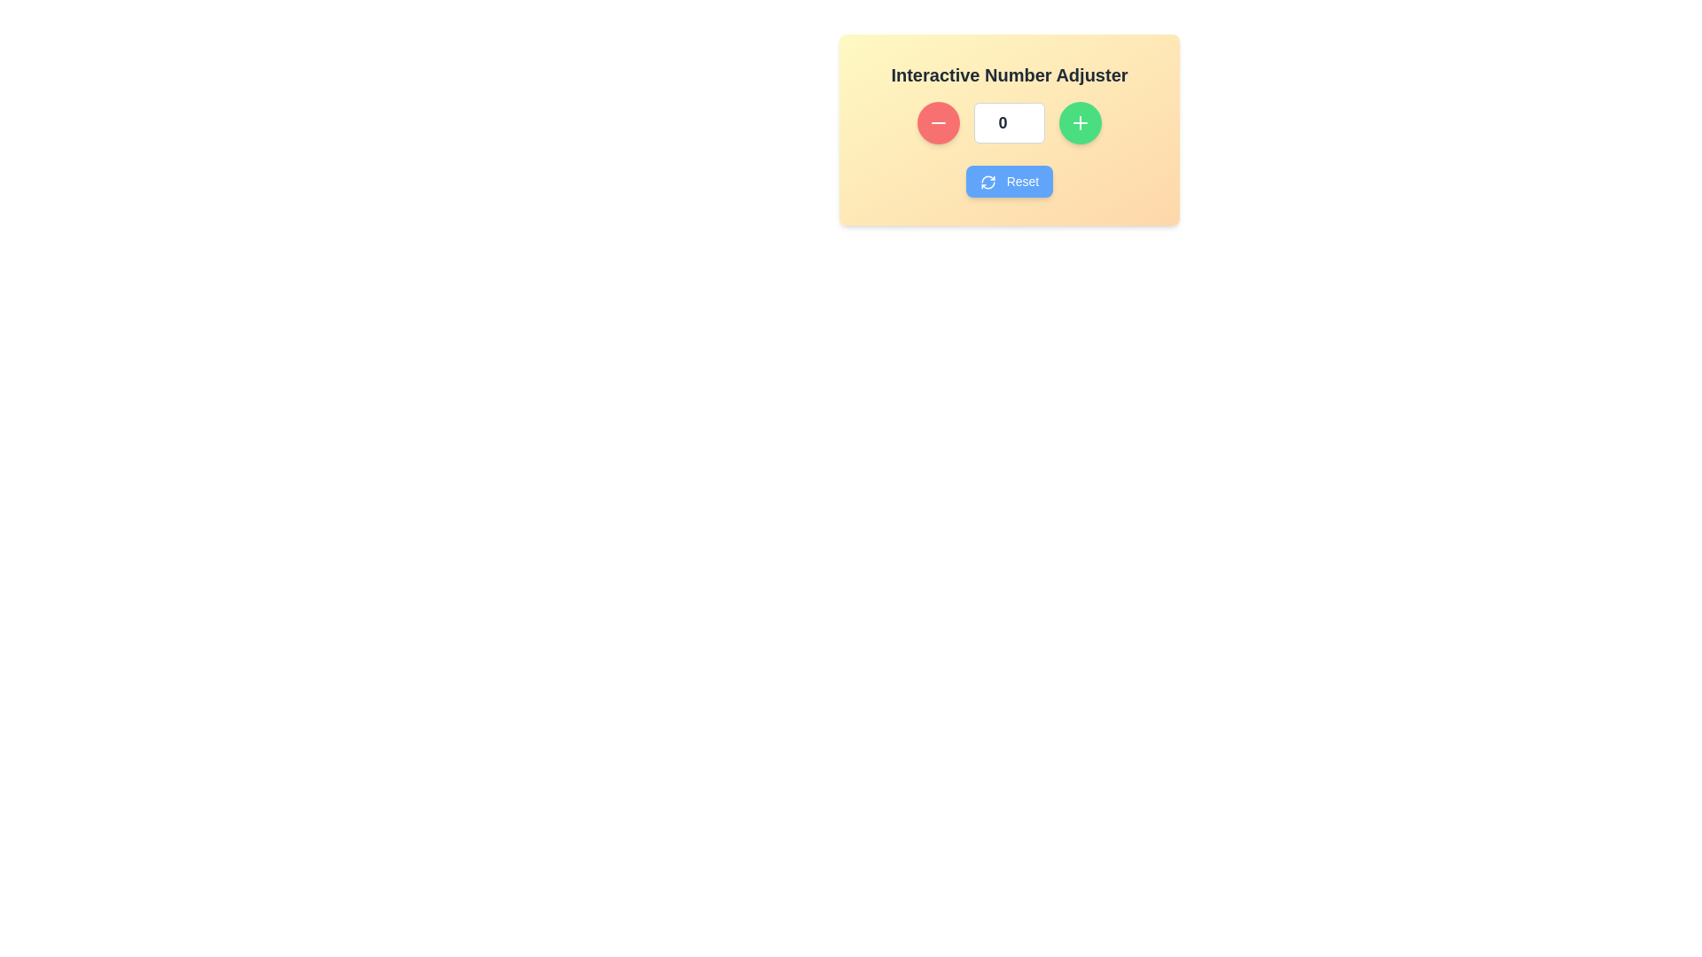 The height and width of the screenshot is (957, 1702). I want to click on the reset button located beneath the plus and minus controls and the number display, so click(1009, 181).